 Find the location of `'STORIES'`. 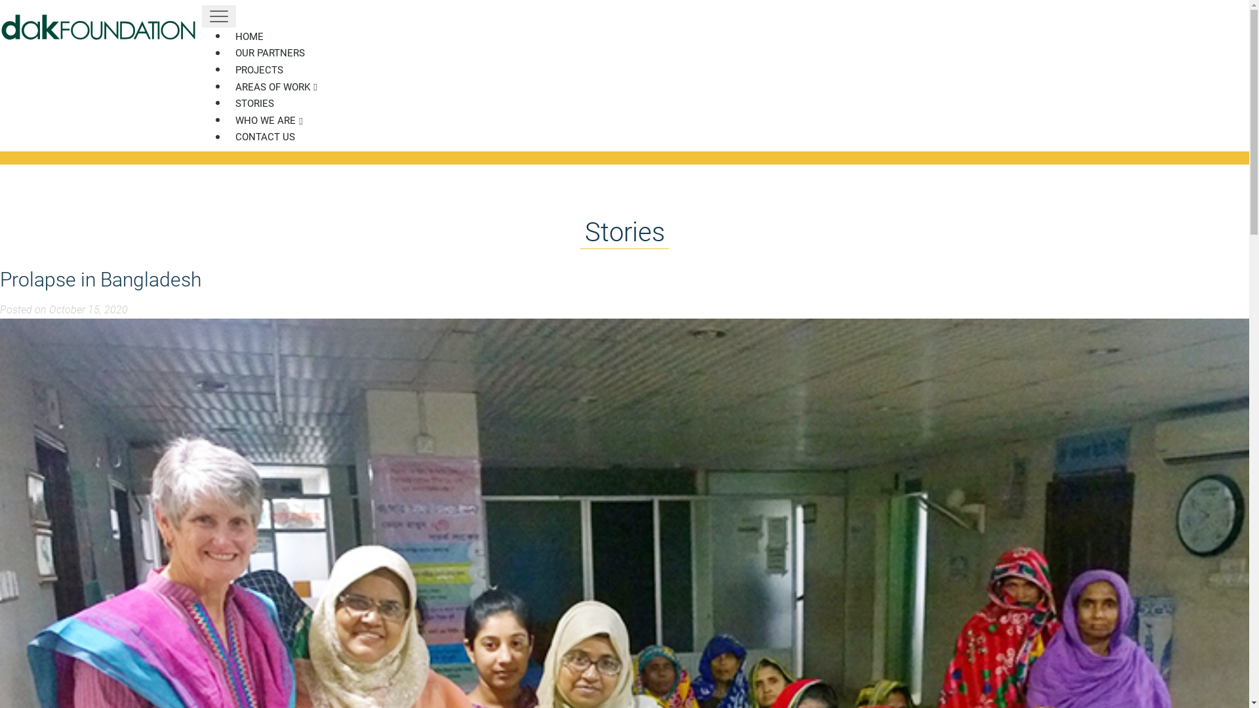

'STORIES' is located at coordinates (254, 103).